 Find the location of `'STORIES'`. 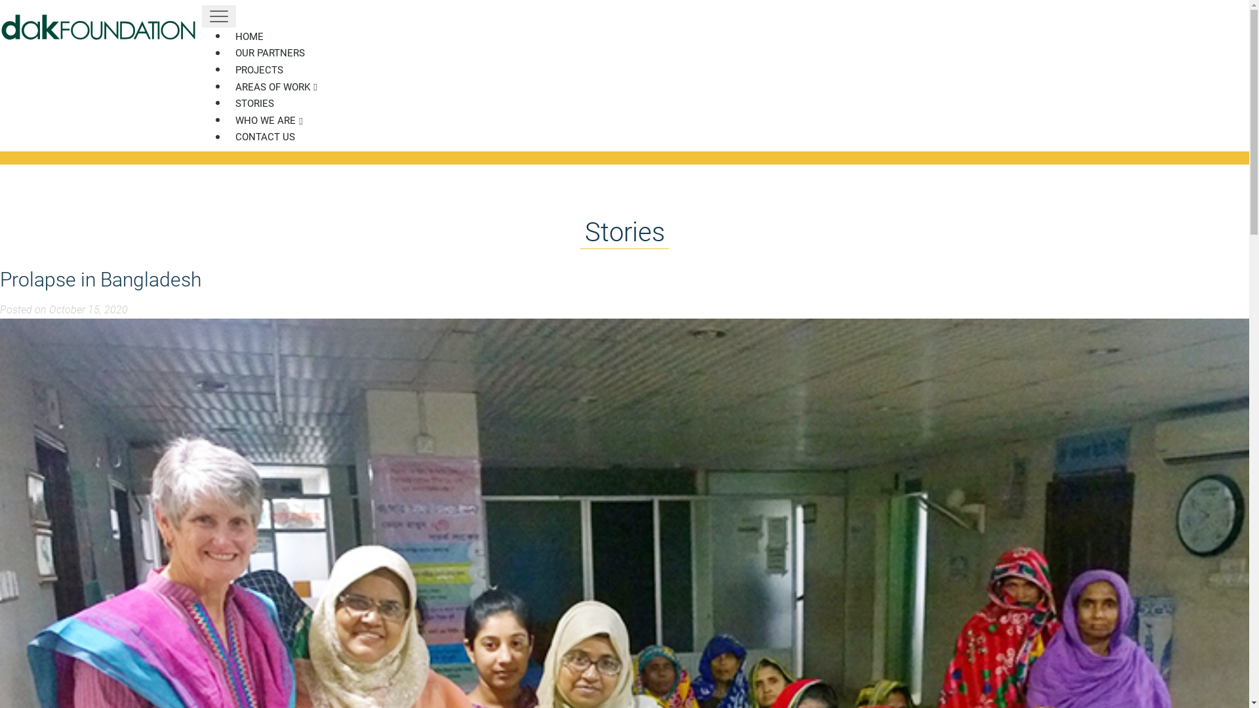

'STORIES' is located at coordinates (254, 103).